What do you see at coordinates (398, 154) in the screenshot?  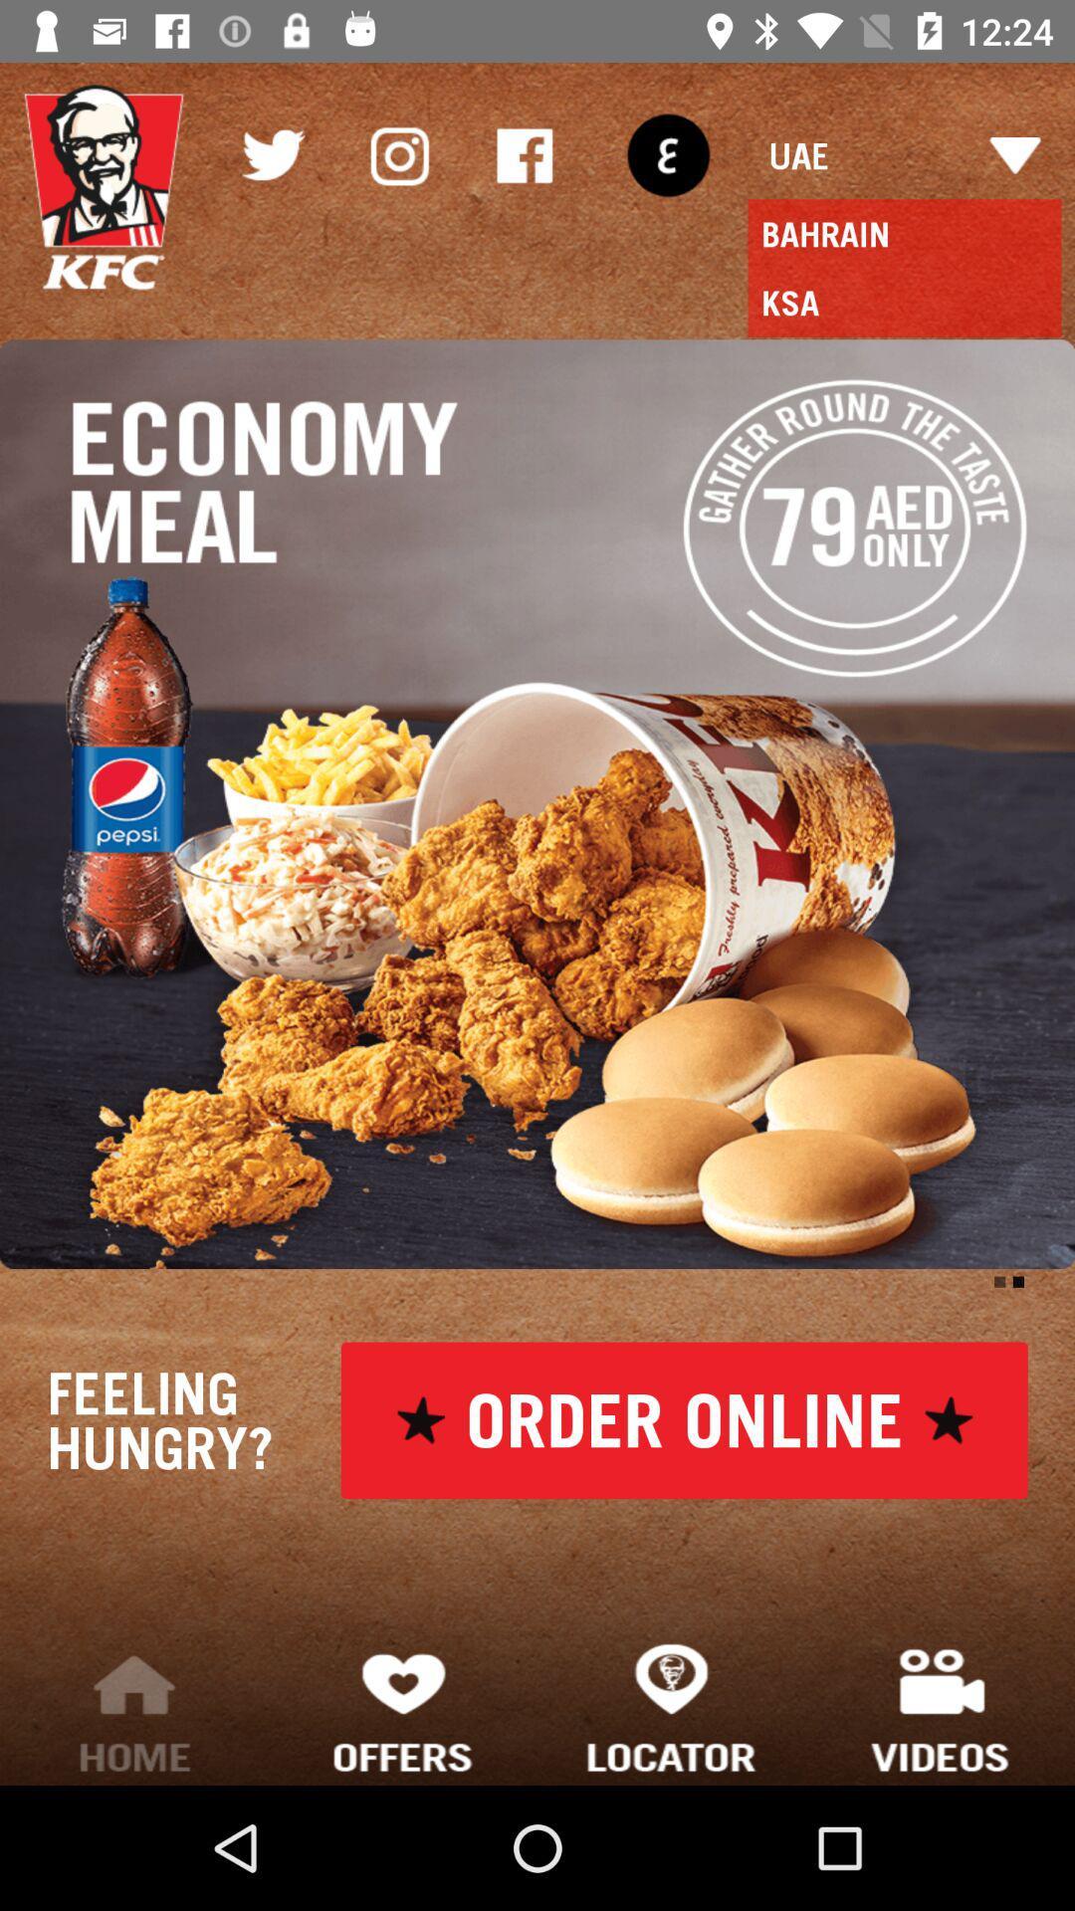 I see `the photo icon` at bounding box center [398, 154].